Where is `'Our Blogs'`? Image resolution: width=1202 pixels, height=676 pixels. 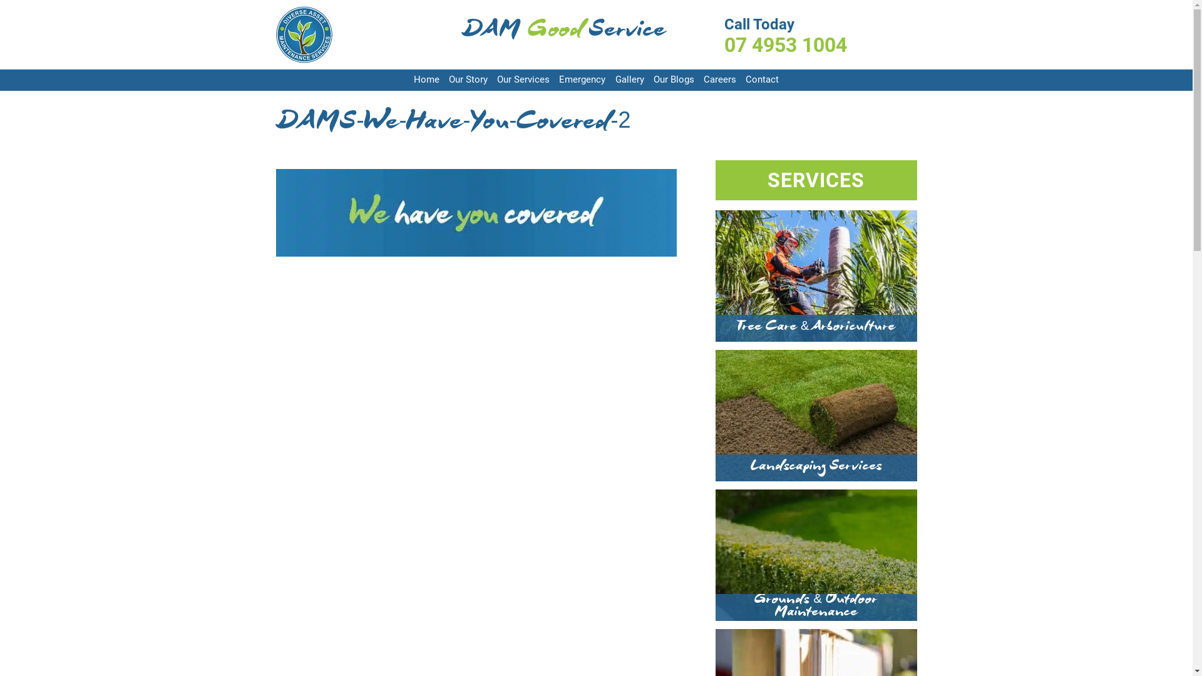
'Our Blogs' is located at coordinates (673, 80).